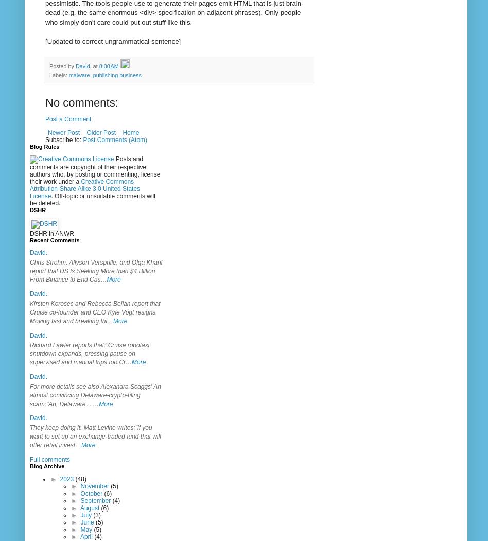 This screenshot has height=541, width=488. I want to click on 'August', so click(90, 508).